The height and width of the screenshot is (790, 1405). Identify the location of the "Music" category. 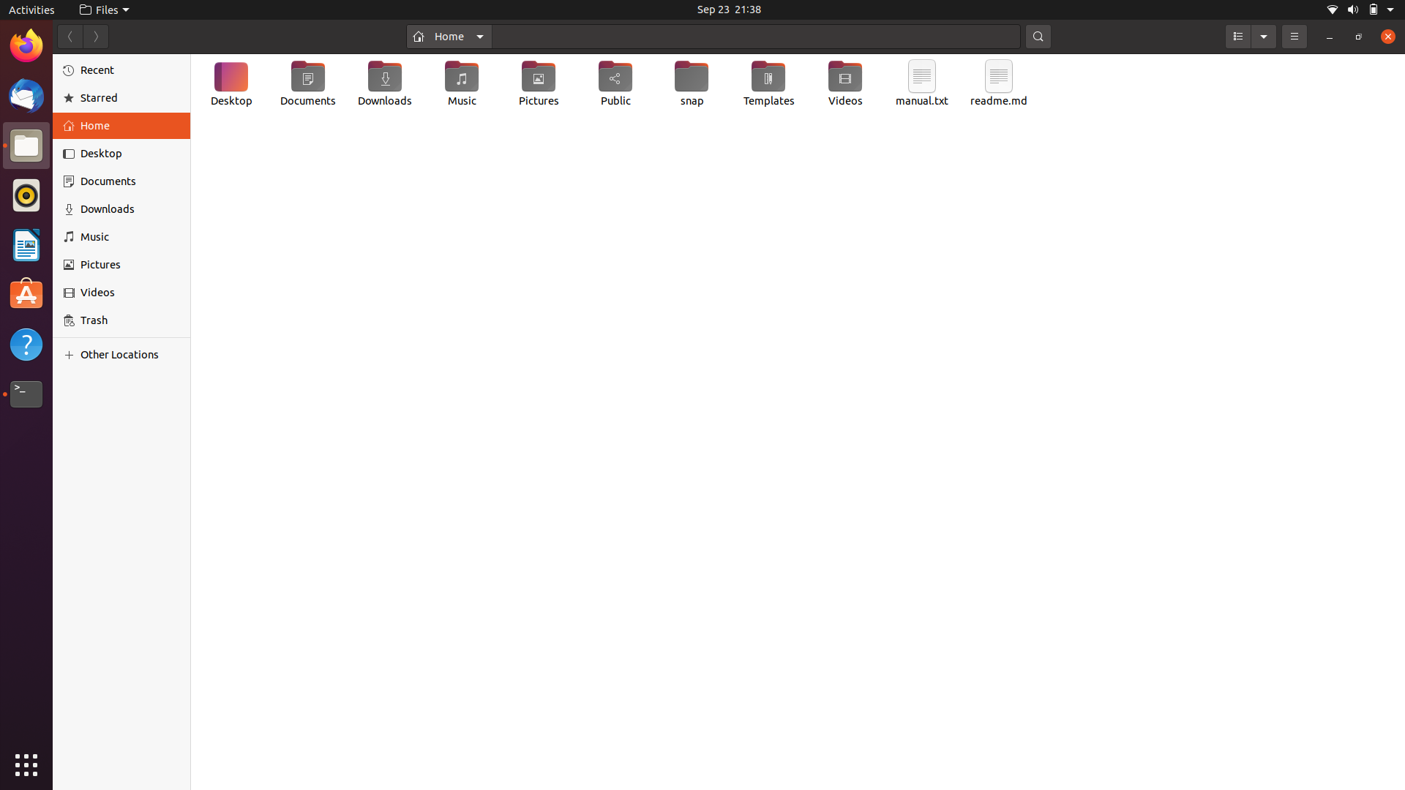
(124, 236).